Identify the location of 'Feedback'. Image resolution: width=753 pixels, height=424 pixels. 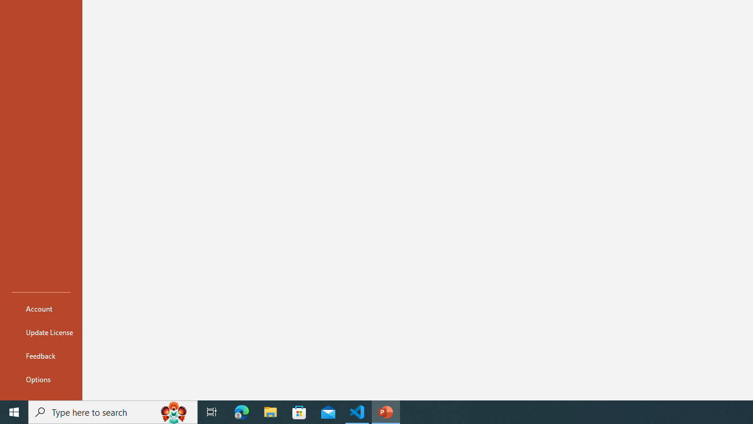
(41, 355).